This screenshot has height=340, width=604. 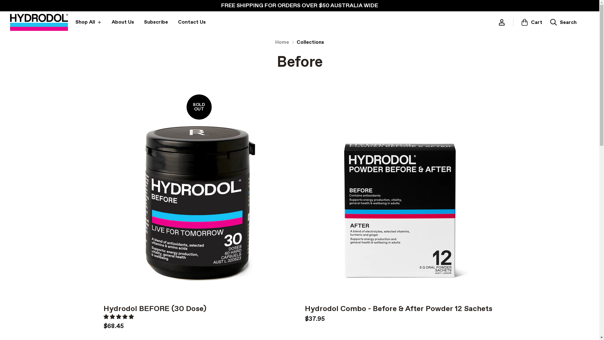 What do you see at coordinates (398, 308) in the screenshot?
I see `'Hydrodol Combo - Before & After Powder 12 Sachets'` at bounding box center [398, 308].